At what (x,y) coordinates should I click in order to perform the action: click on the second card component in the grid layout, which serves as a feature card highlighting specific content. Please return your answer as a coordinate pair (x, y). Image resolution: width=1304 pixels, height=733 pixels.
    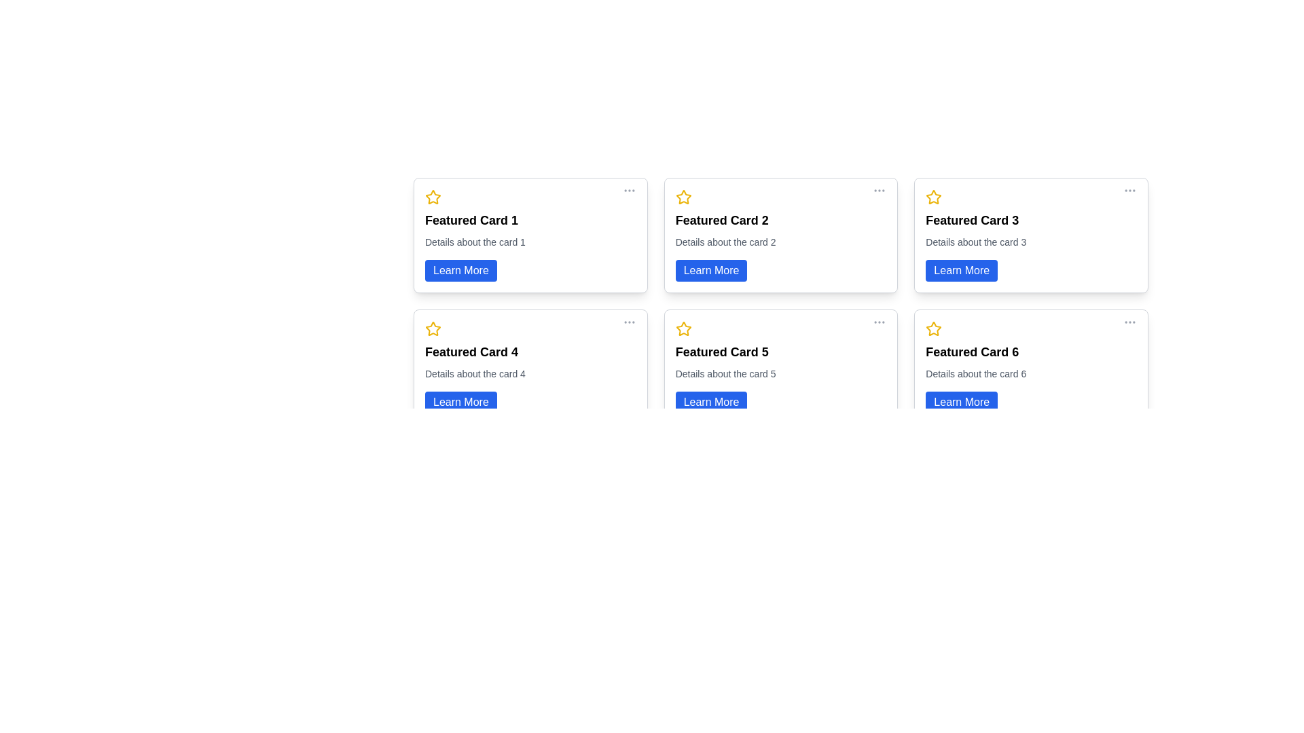
    Looking at the image, I should click on (781, 235).